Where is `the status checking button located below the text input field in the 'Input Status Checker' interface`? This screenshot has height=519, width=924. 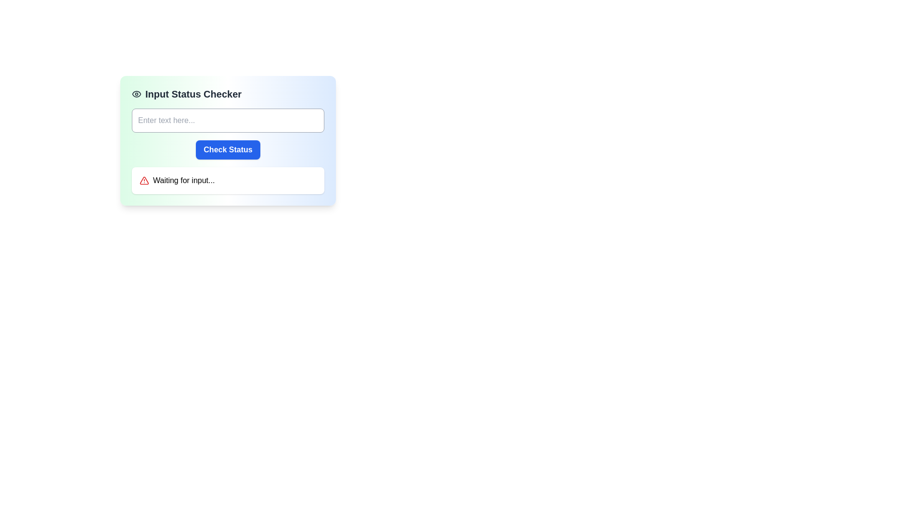 the status checking button located below the text input field in the 'Input Status Checker' interface is located at coordinates (228, 150).